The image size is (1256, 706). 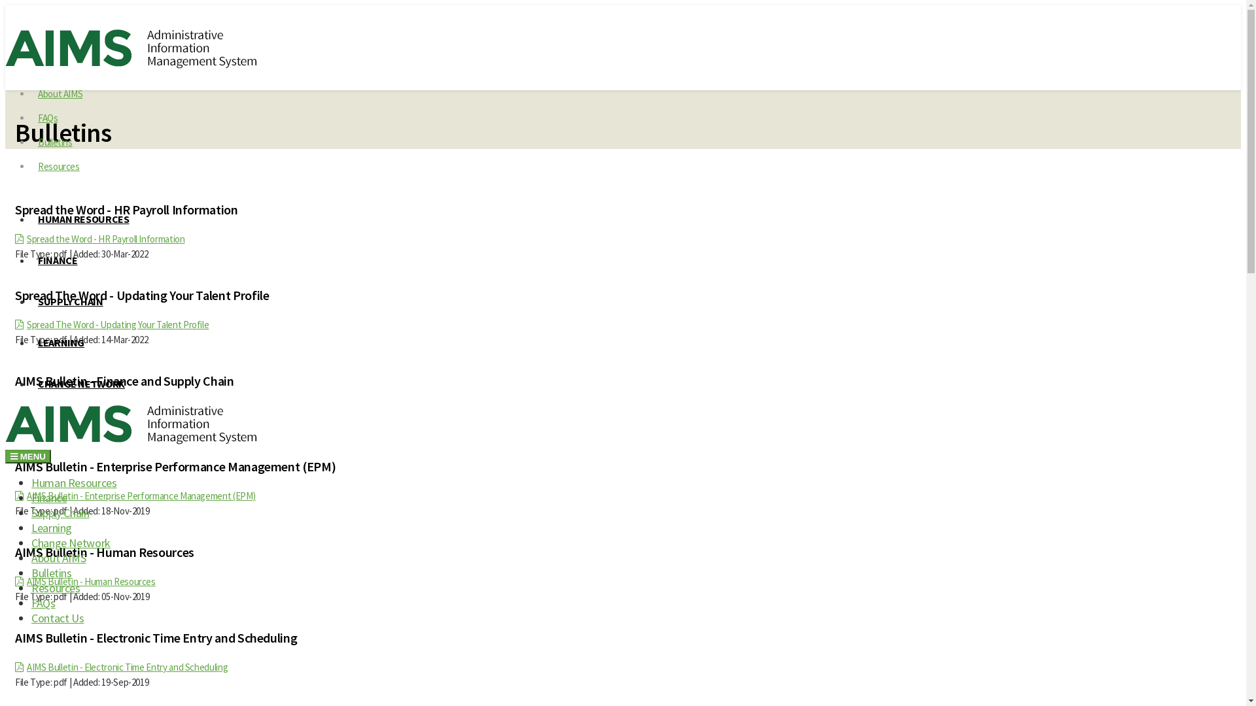 What do you see at coordinates (58, 165) in the screenshot?
I see `'Resources'` at bounding box center [58, 165].